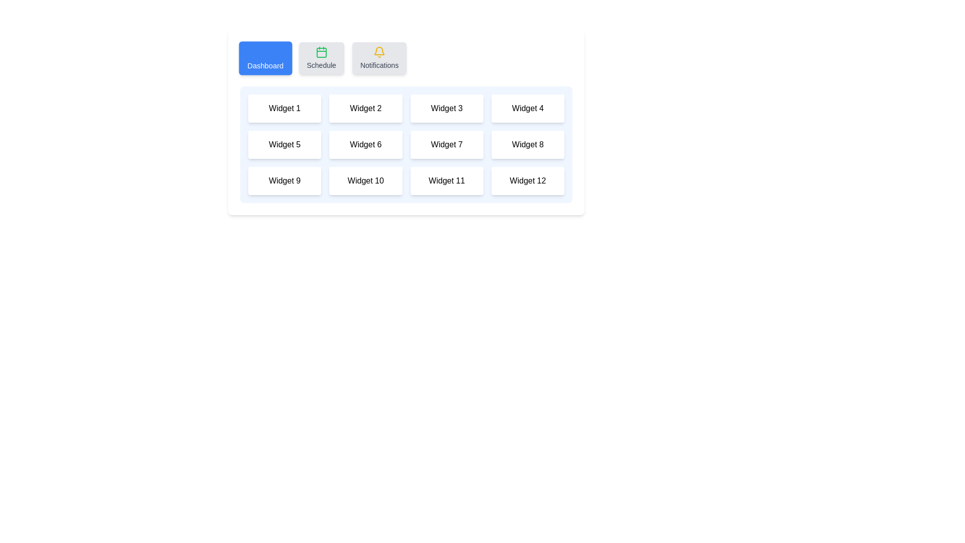 This screenshot has width=965, height=543. Describe the element at coordinates (378, 58) in the screenshot. I see `the tab labeled Notifications to preview its appearance` at that location.